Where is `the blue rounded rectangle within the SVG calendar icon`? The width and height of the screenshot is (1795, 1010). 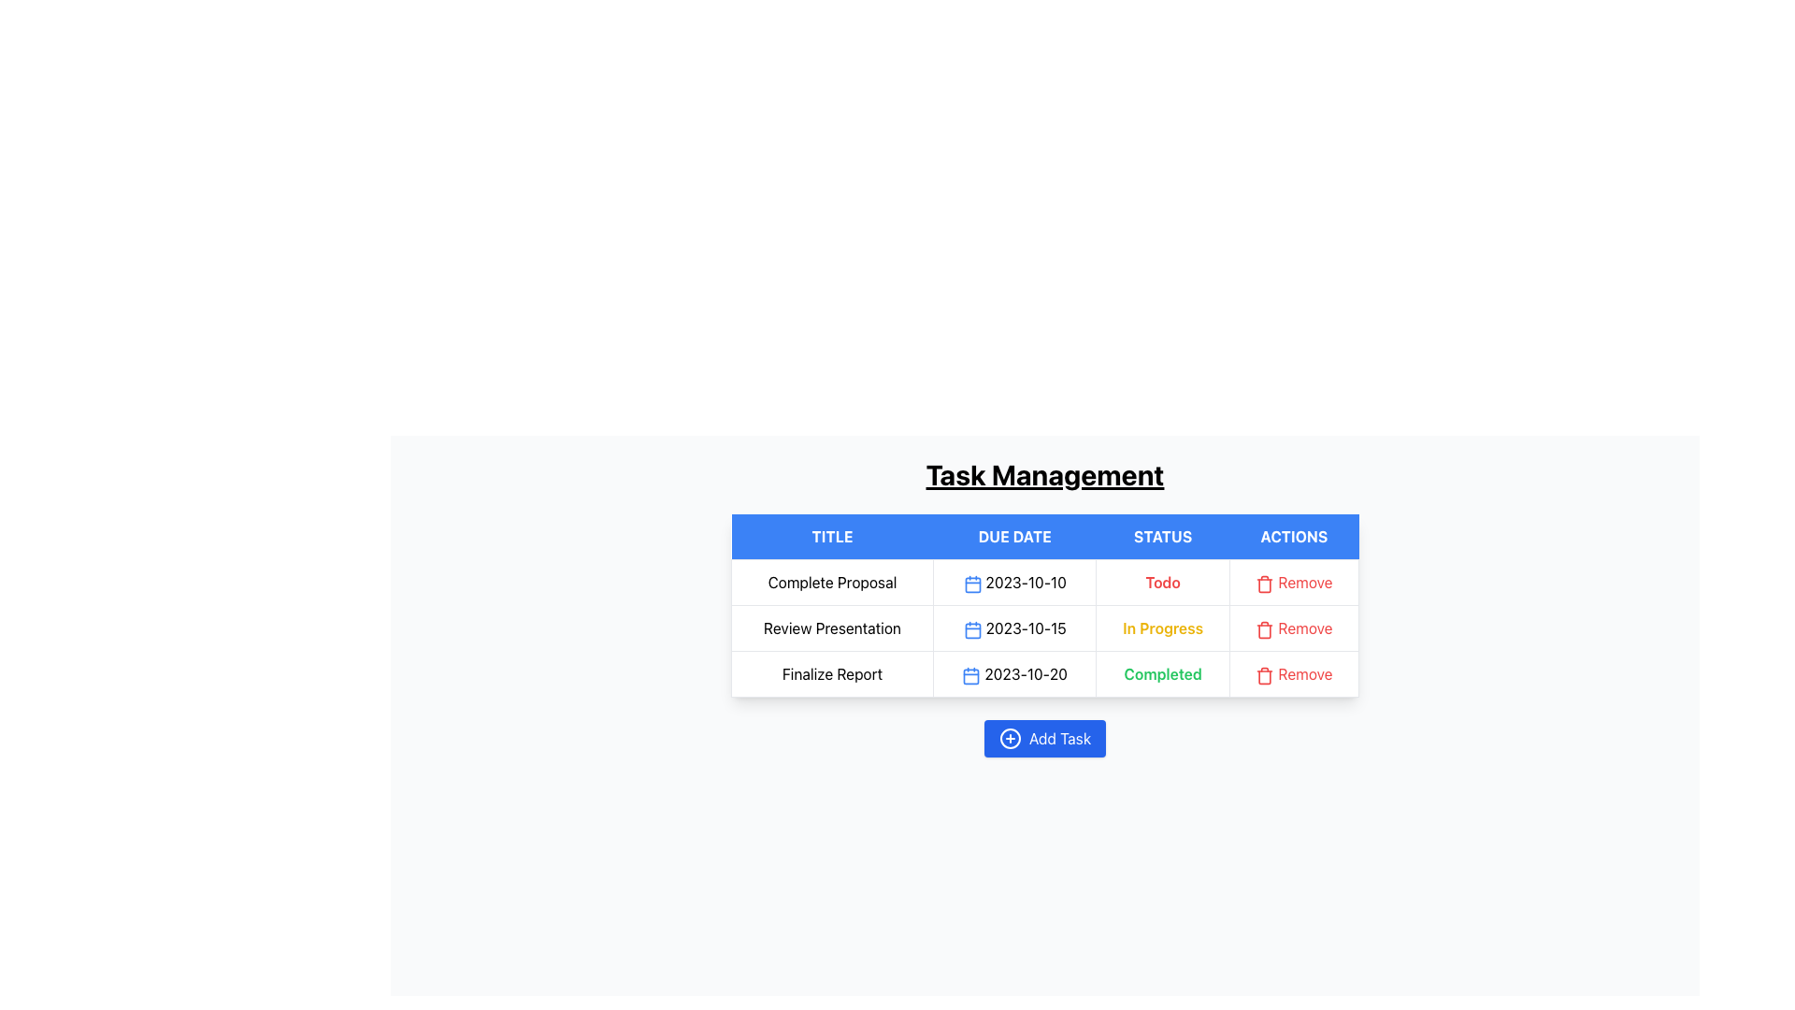
the blue rounded rectangle within the SVG calendar icon is located at coordinates (972, 584).